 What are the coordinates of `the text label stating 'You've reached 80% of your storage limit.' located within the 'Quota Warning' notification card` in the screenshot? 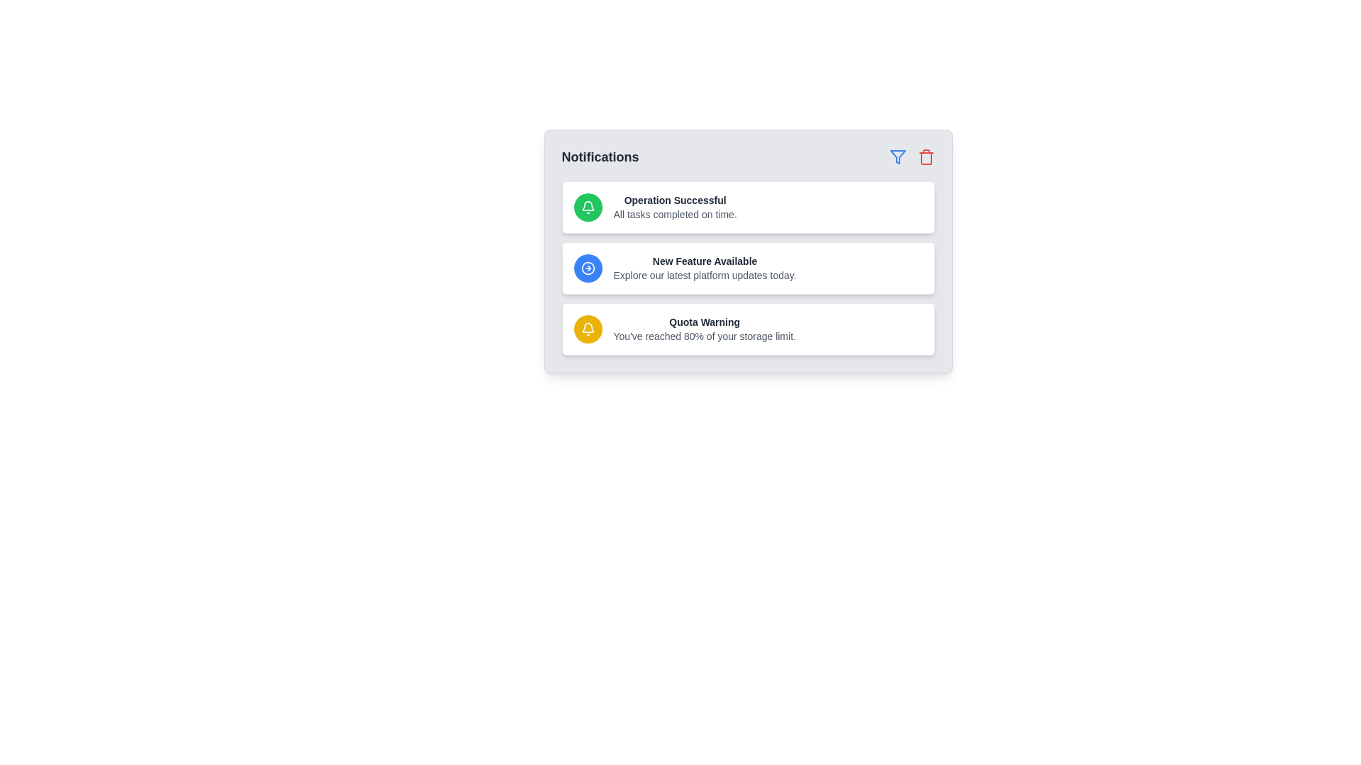 It's located at (705, 336).